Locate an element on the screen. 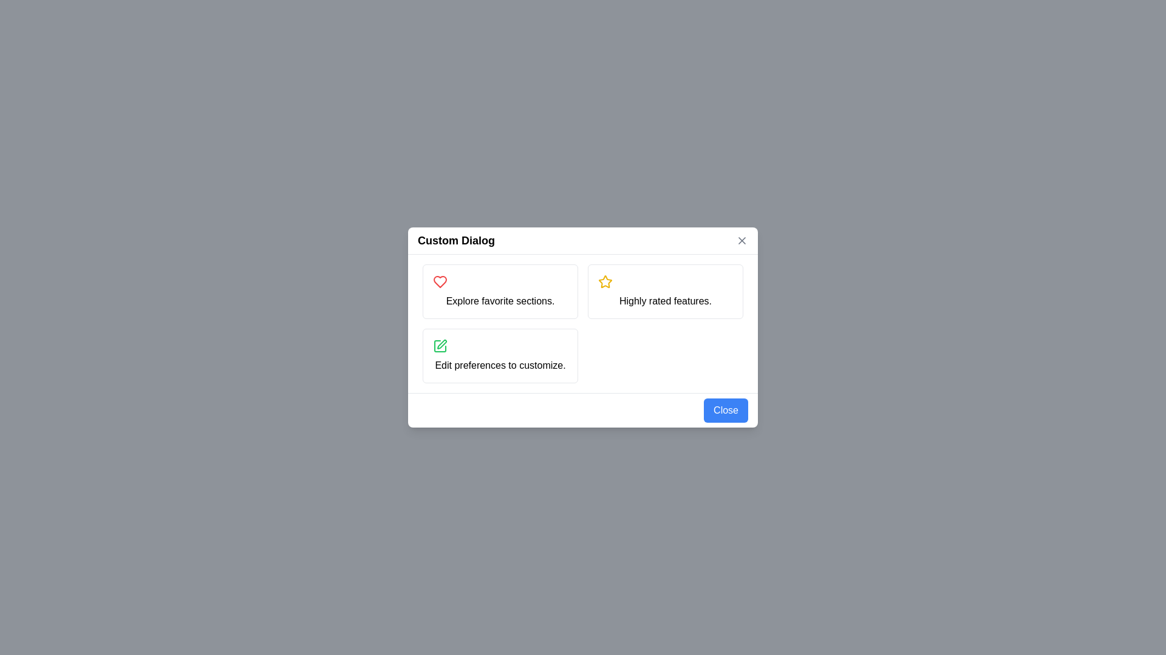  the green outlined pen icon located in the middle row of the dialog box, to the left of the text 'Edit preferences to customize.' is located at coordinates (439, 346).